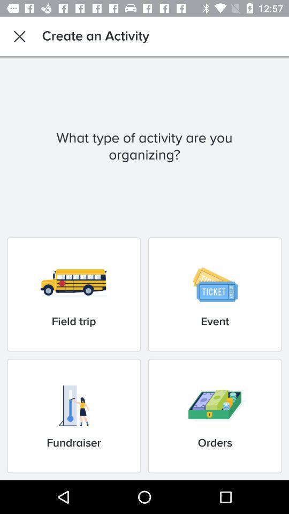  Describe the element at coordinates (215, 294) in the screenshot. I see `icon above the orders icon` at that location.